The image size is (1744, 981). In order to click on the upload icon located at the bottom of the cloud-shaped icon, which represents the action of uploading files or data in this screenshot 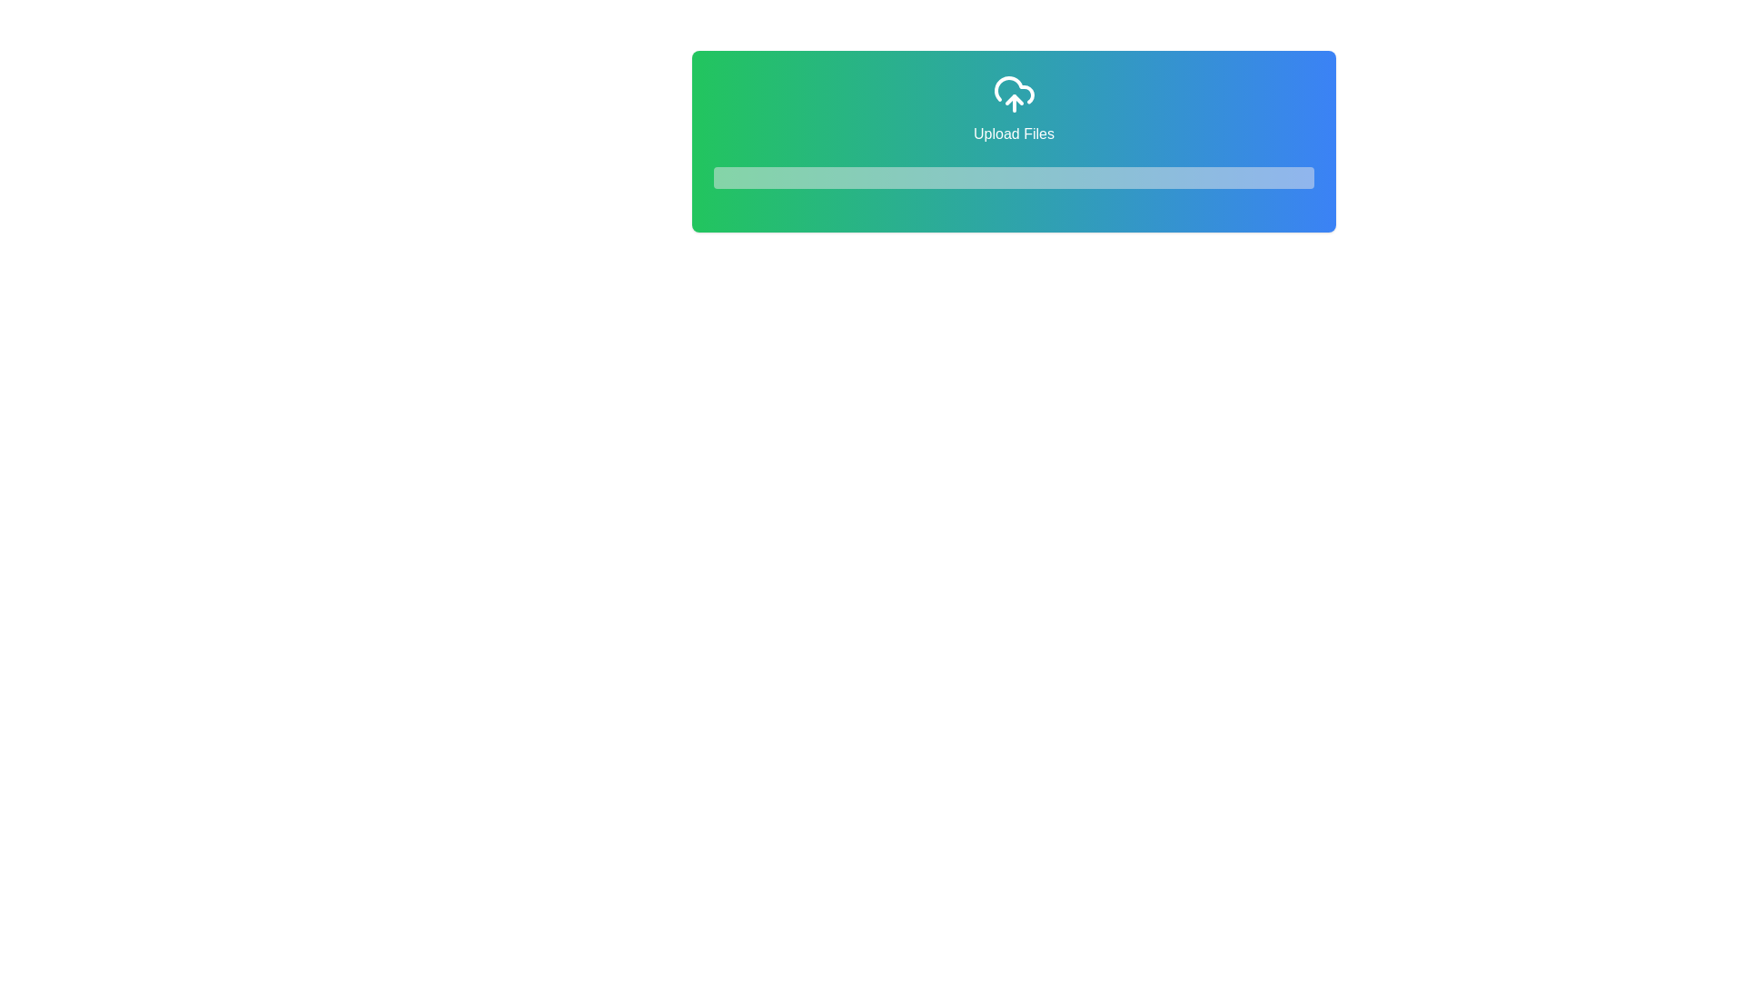, I will do `click(1013, 100)`.